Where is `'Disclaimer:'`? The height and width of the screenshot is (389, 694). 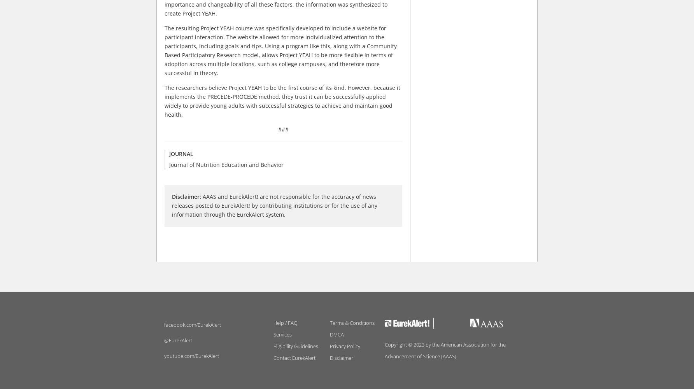 'Disclaimer:' is located at coordinates (172, 197).